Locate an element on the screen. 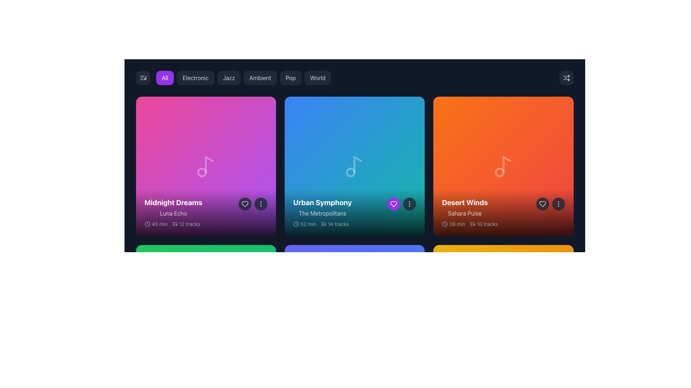  title text 'Midnight Dreams' which is styled with a bold, white, extra-large font and located at the center of the first card in the horizontally scrolling carousel is located at coordinates (173, 203).